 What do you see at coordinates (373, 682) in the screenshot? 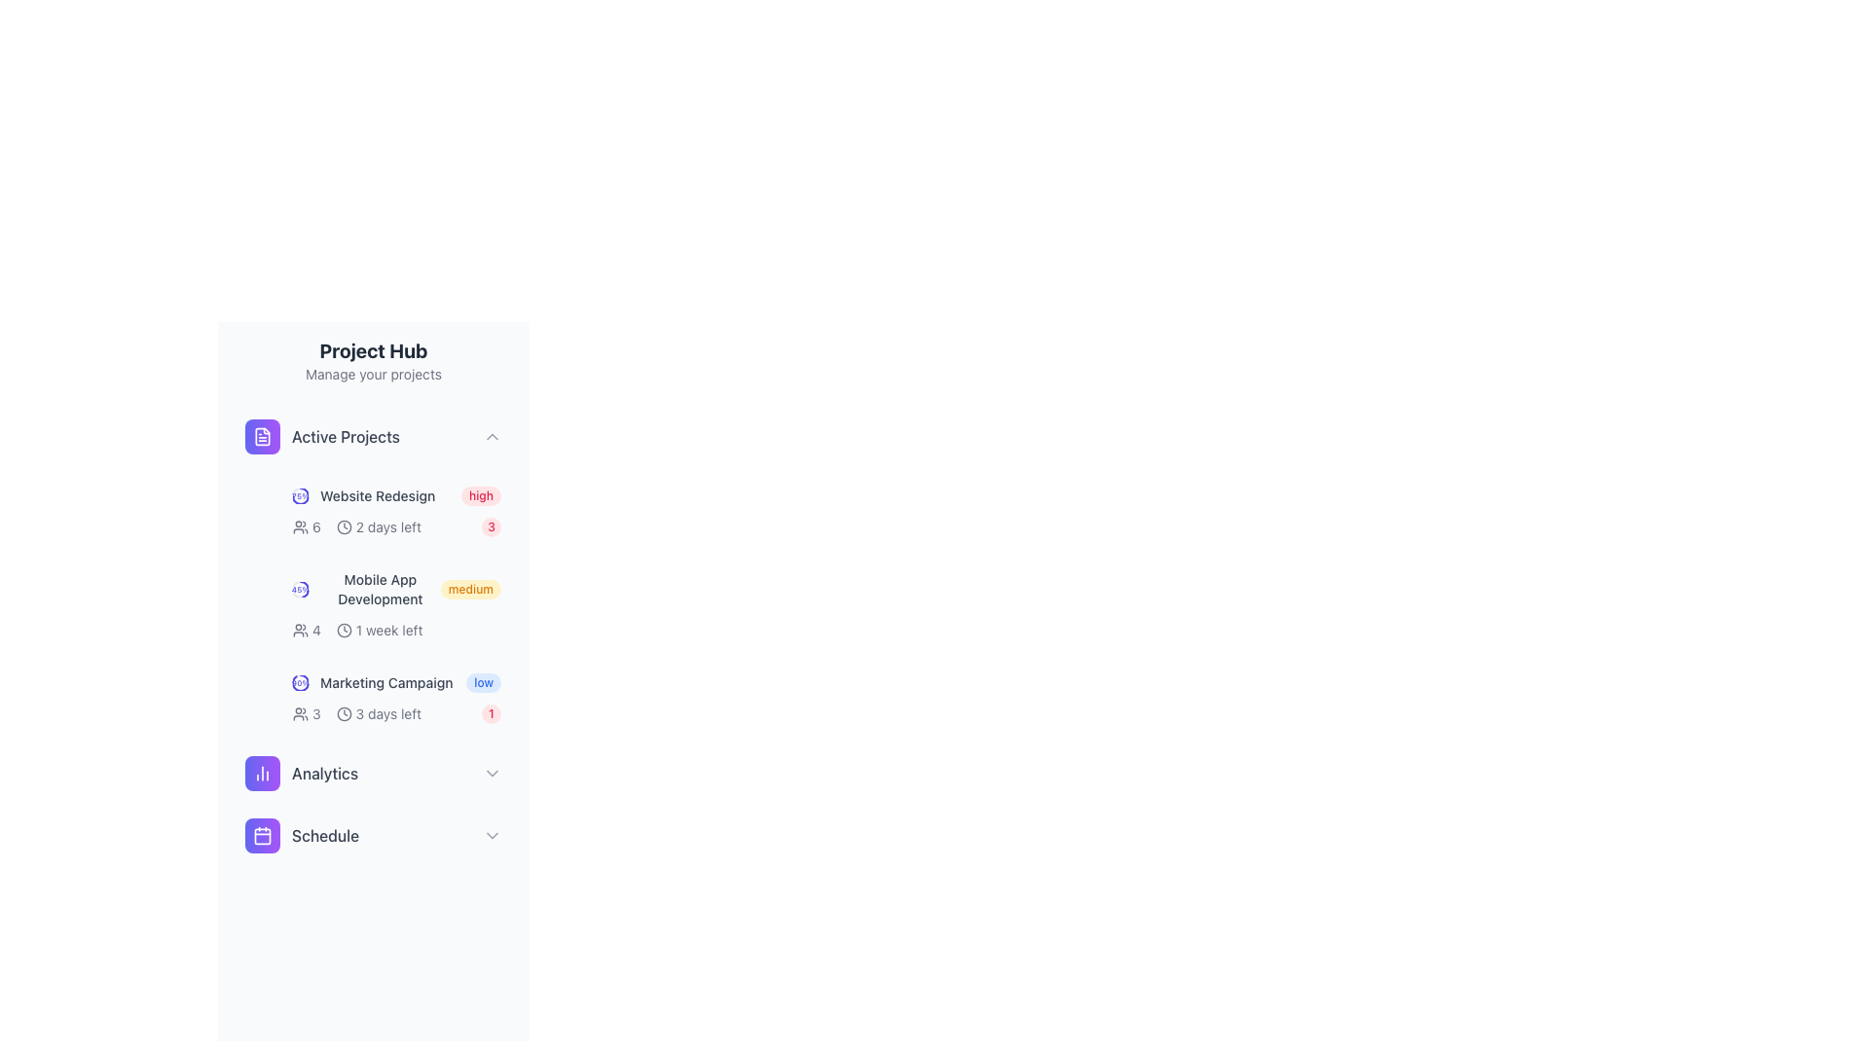
I see `the text 'Marketing Campaign' in the Active Projects section of the Project Hub` at bounding box center [373, 682].